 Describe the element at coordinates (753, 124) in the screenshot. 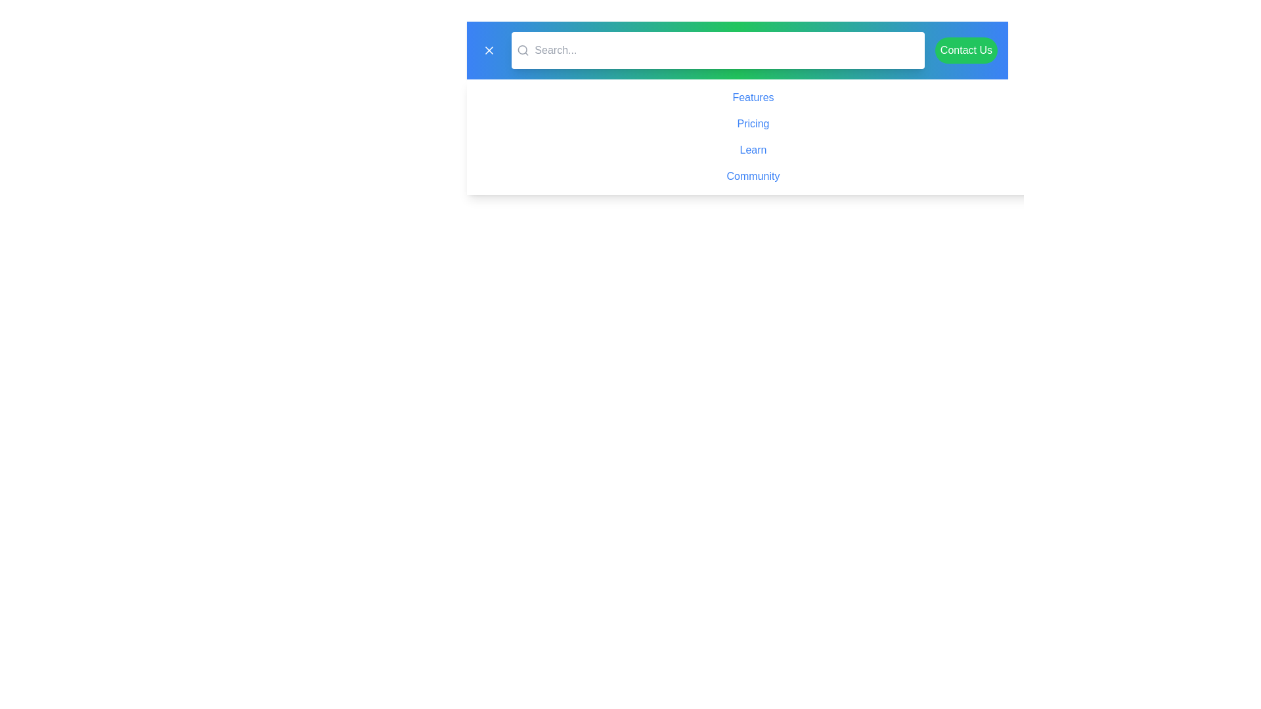

I see `the second hyperlink in the list` at that location.